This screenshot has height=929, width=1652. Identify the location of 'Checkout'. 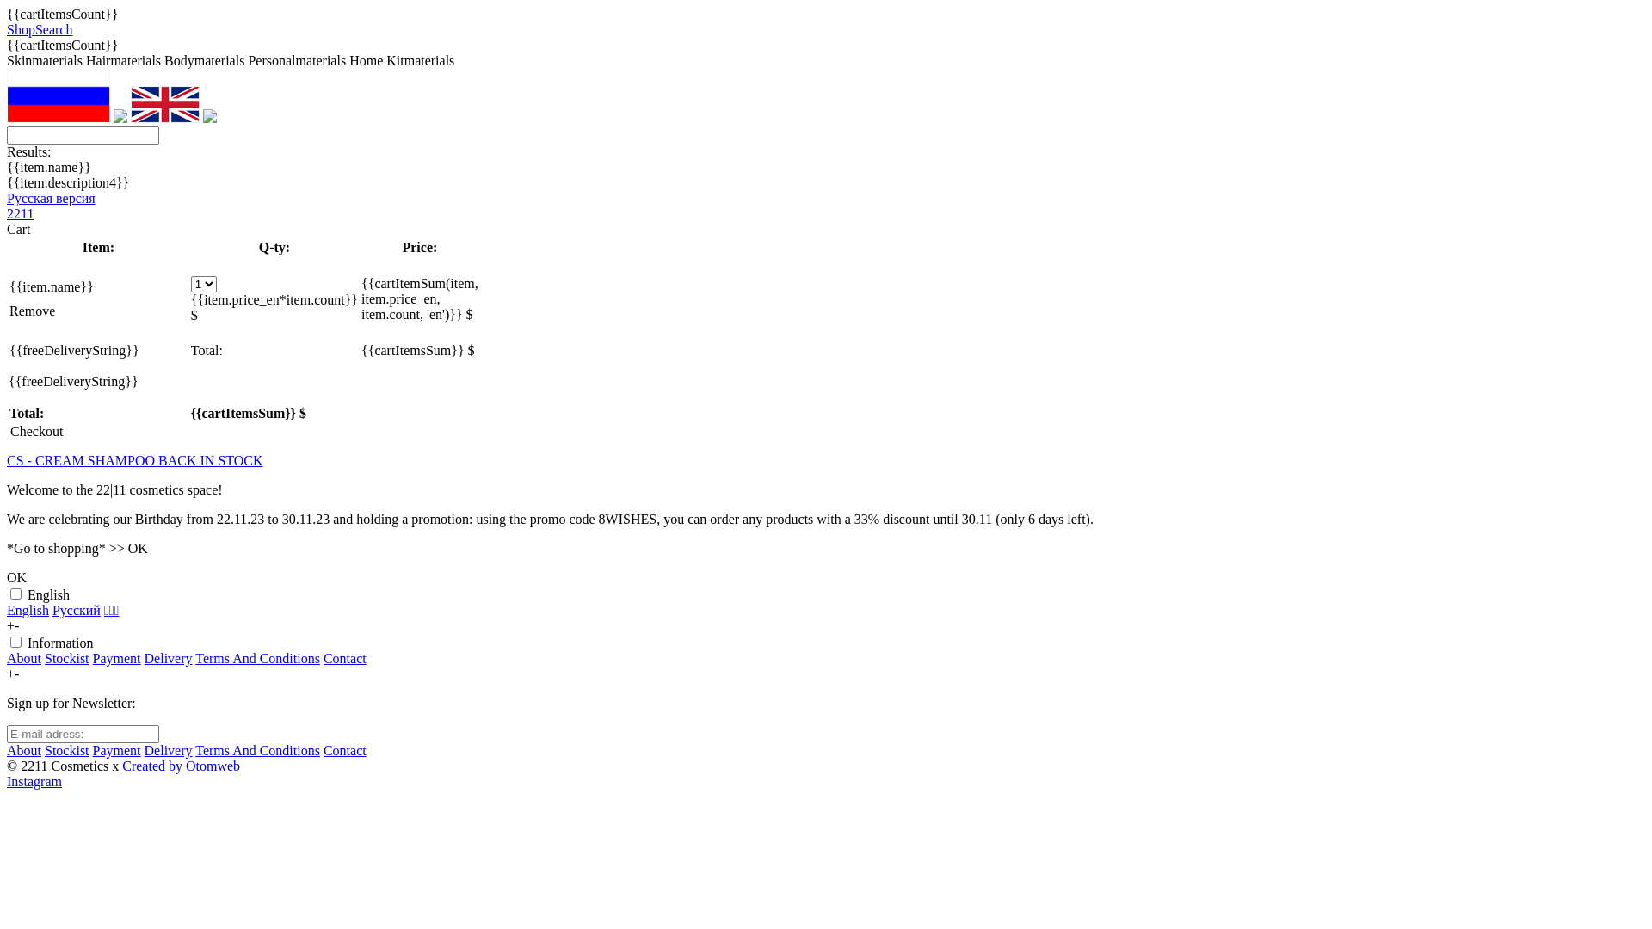
(36, 430).